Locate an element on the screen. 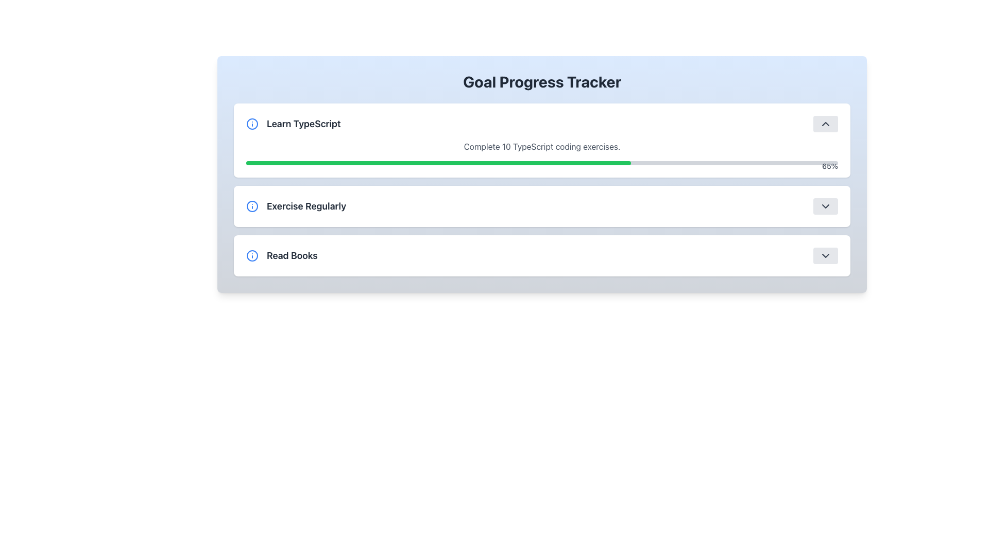 The height and width of the screenshot is (556, 989). the text label displaying '65%' located at the top-right corner of the green progress bar is located at coordinates (830, 166).